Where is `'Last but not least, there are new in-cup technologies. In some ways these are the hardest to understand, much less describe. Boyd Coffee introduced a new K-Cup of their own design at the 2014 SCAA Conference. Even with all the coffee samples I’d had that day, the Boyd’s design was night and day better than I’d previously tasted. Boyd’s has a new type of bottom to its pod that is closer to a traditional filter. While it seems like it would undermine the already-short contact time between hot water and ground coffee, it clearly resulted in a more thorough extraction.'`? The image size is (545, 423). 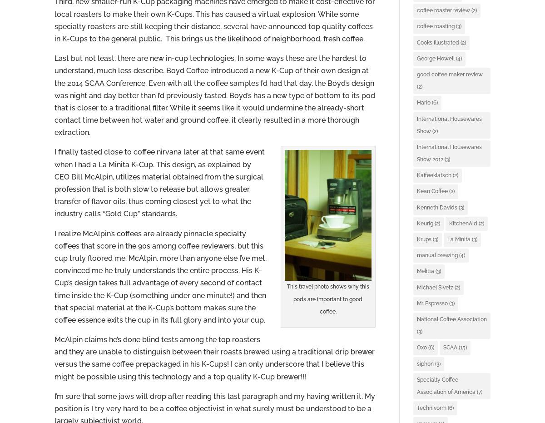 'Last but not least, there are new in-cup technologies. In some ways these are the hardest to understand, much less describe. Boyd Coffee introduced a new K-Cup of their own design at the 2014 SCAA Conference. Even with all the coffee samples I’d had that day, the Boyd’s design was night and day better than I’d previously tasted. Boyd’s has a new type of bottom to its pod that is closer to a traditional filter. While it seems like it would undermine the already-short contact time between hot water and ground coffee, it clearly resulted in a more thorough extraction.' is located at coordinates (214, 95).